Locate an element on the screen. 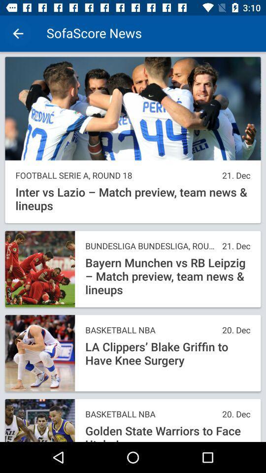 The height and width of the screenshot is (473, 266). the item below the basketball nba  icon is located at coordinates (167, 433).